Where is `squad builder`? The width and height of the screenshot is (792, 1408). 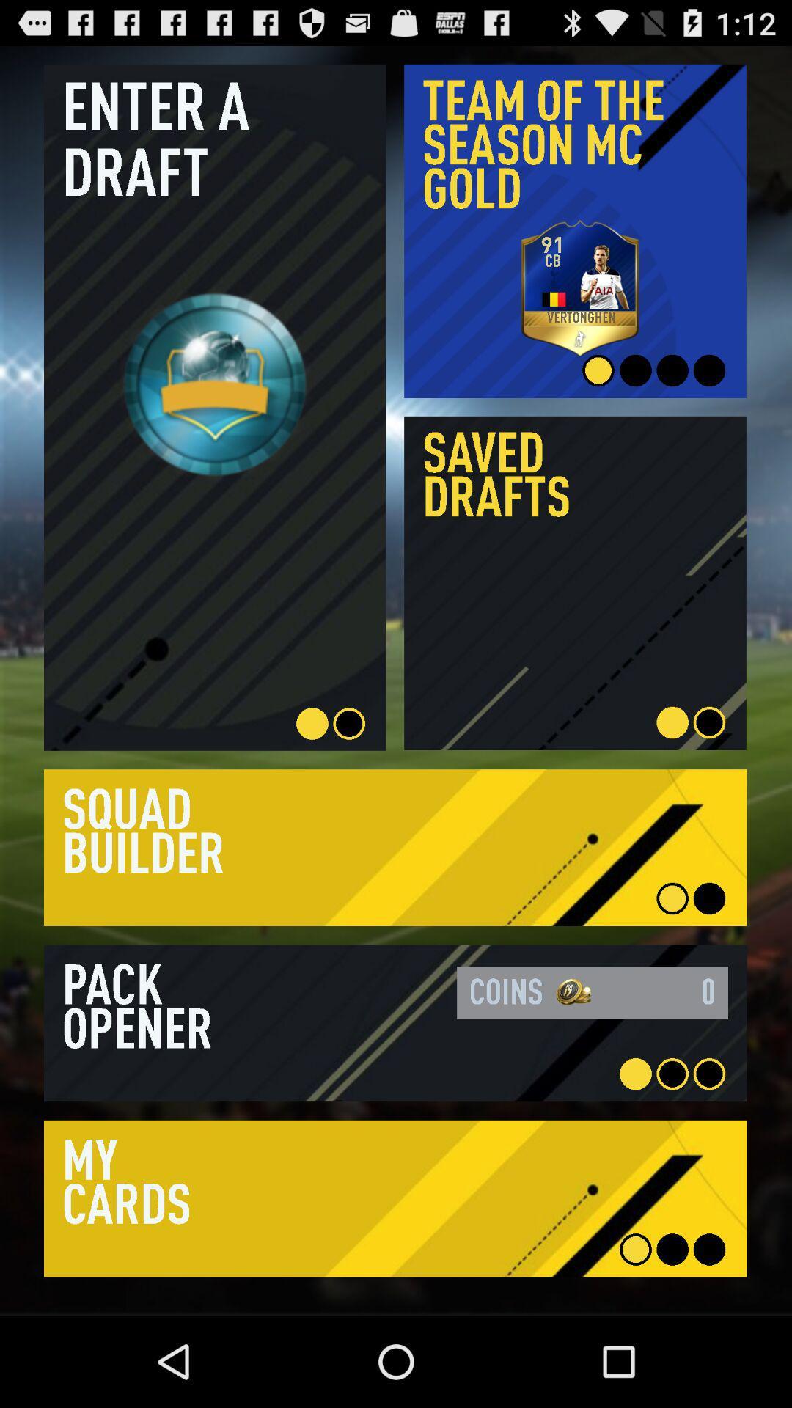
squad builder is located at coordinates (395, 848).